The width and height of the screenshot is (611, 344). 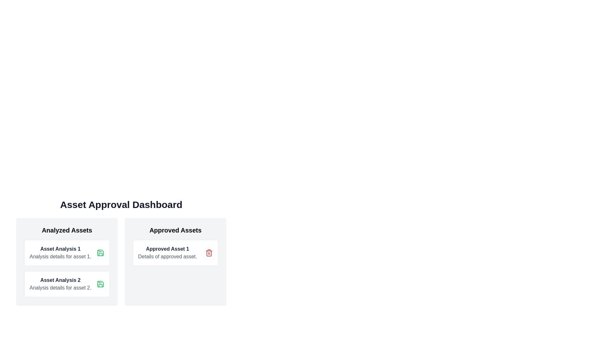 I want to click on the green floppy disk icon button located in the top-right corner of the 'Asset Analysis 1' card, so click(x=100, y=253).